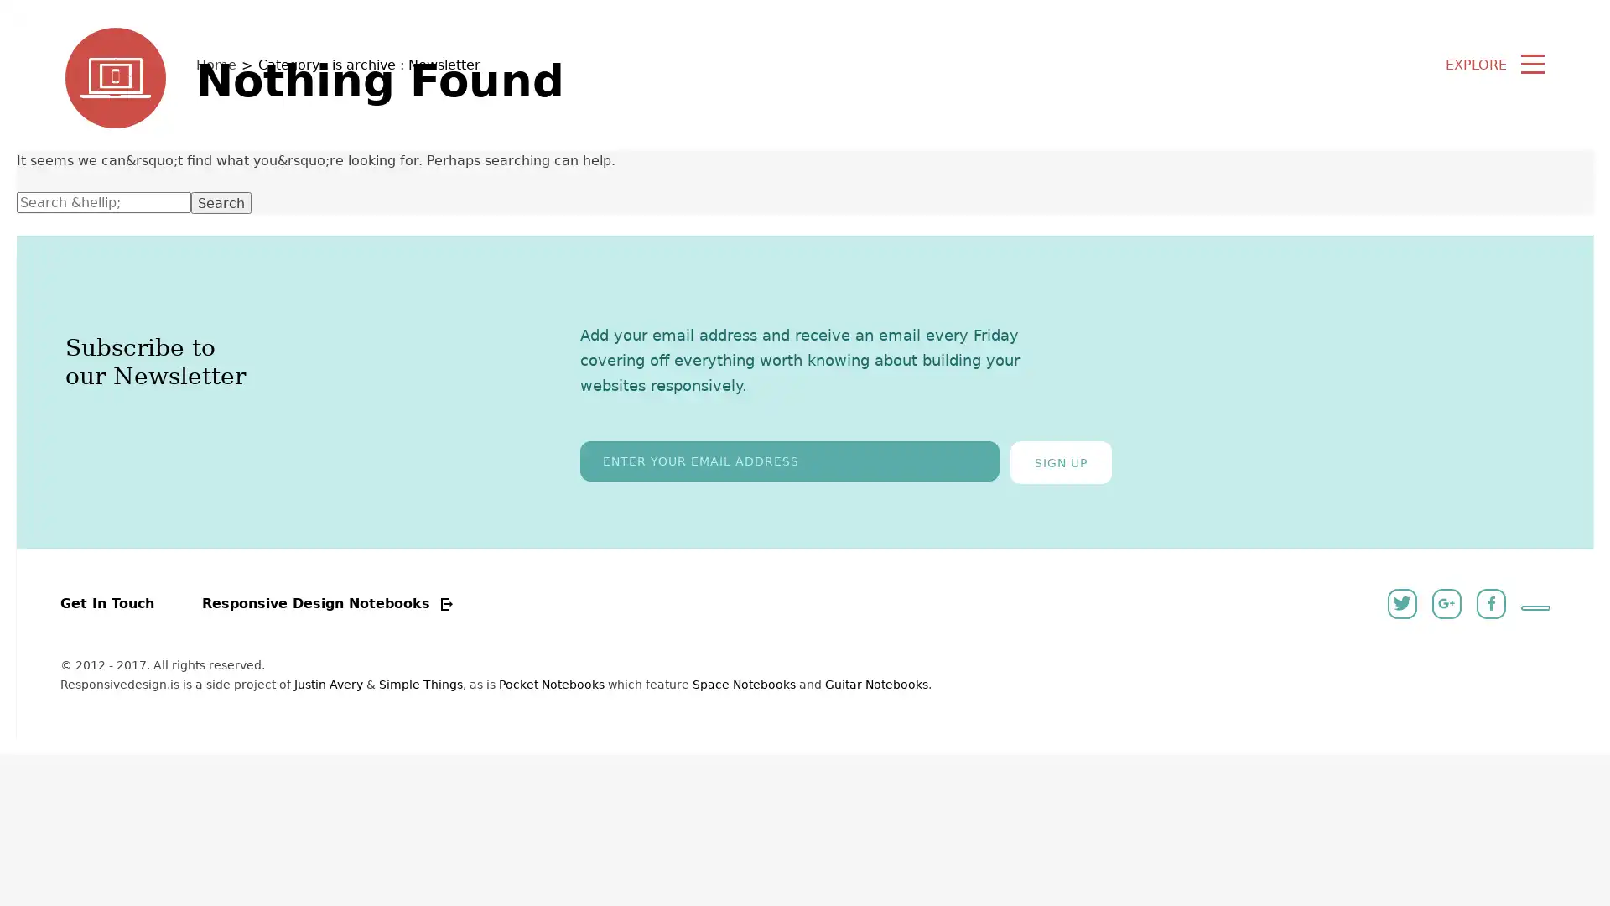 Image resolution: width=1610 pixels, height=906 pixels. Describe the element at coordinates (1060, 462) in the screenshot. I see `SIGN UP` at that location.